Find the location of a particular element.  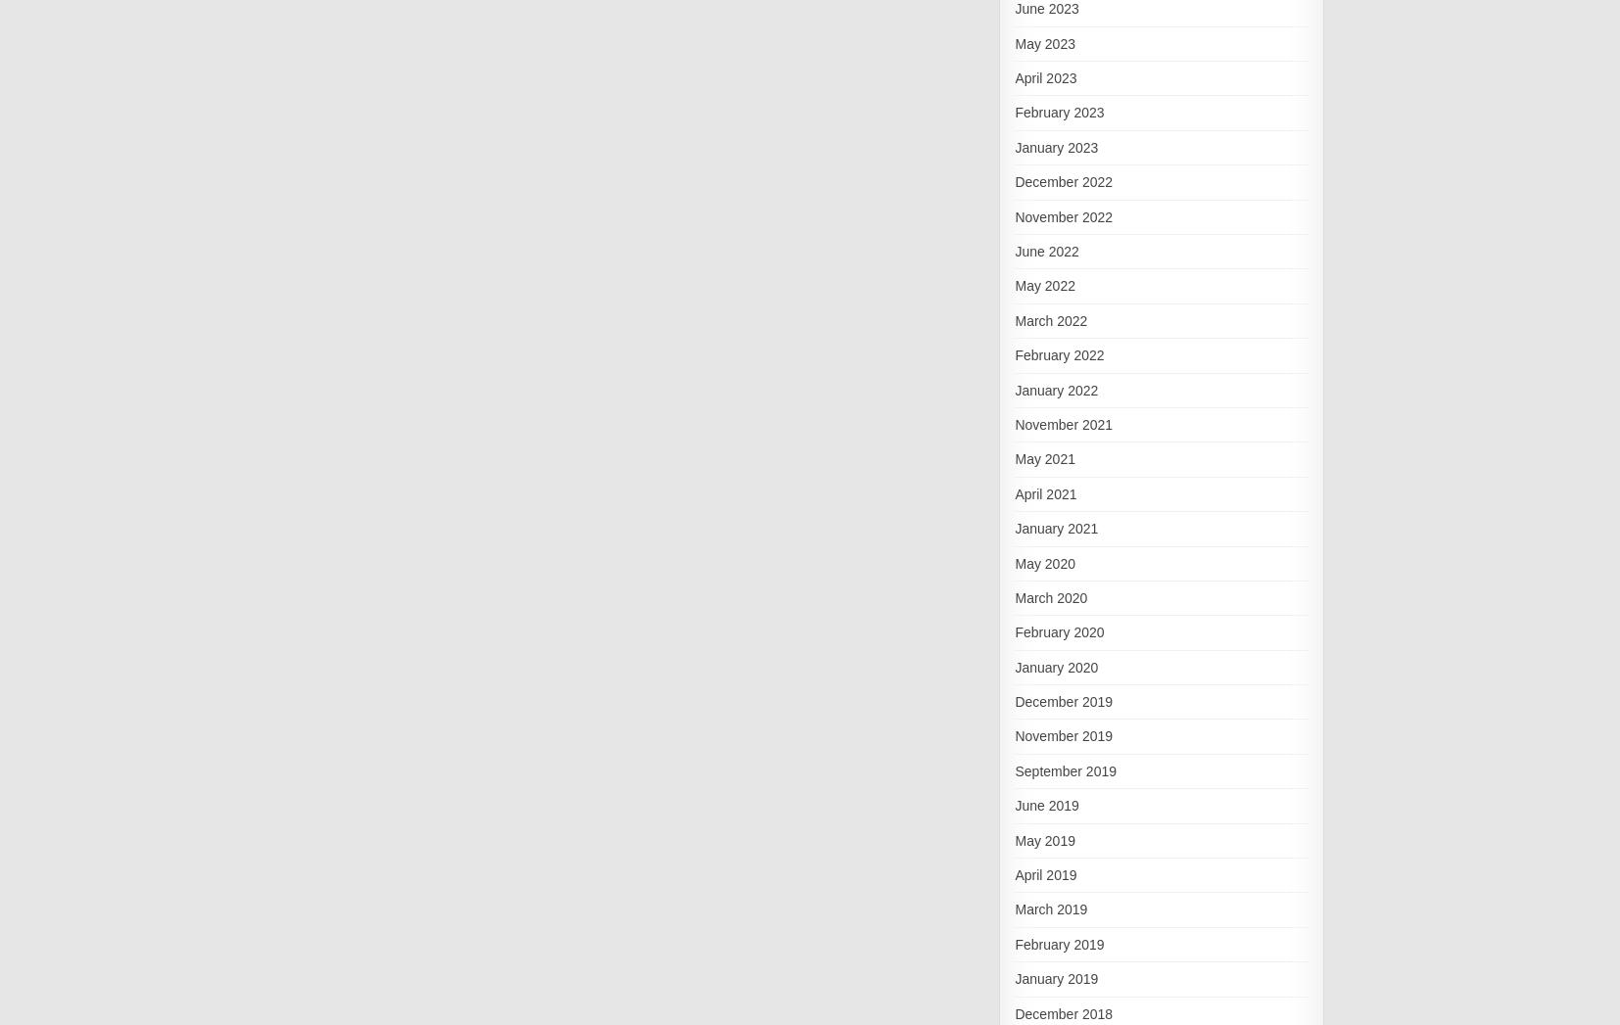

'March 2020' is located at coordinates (1014, 595).